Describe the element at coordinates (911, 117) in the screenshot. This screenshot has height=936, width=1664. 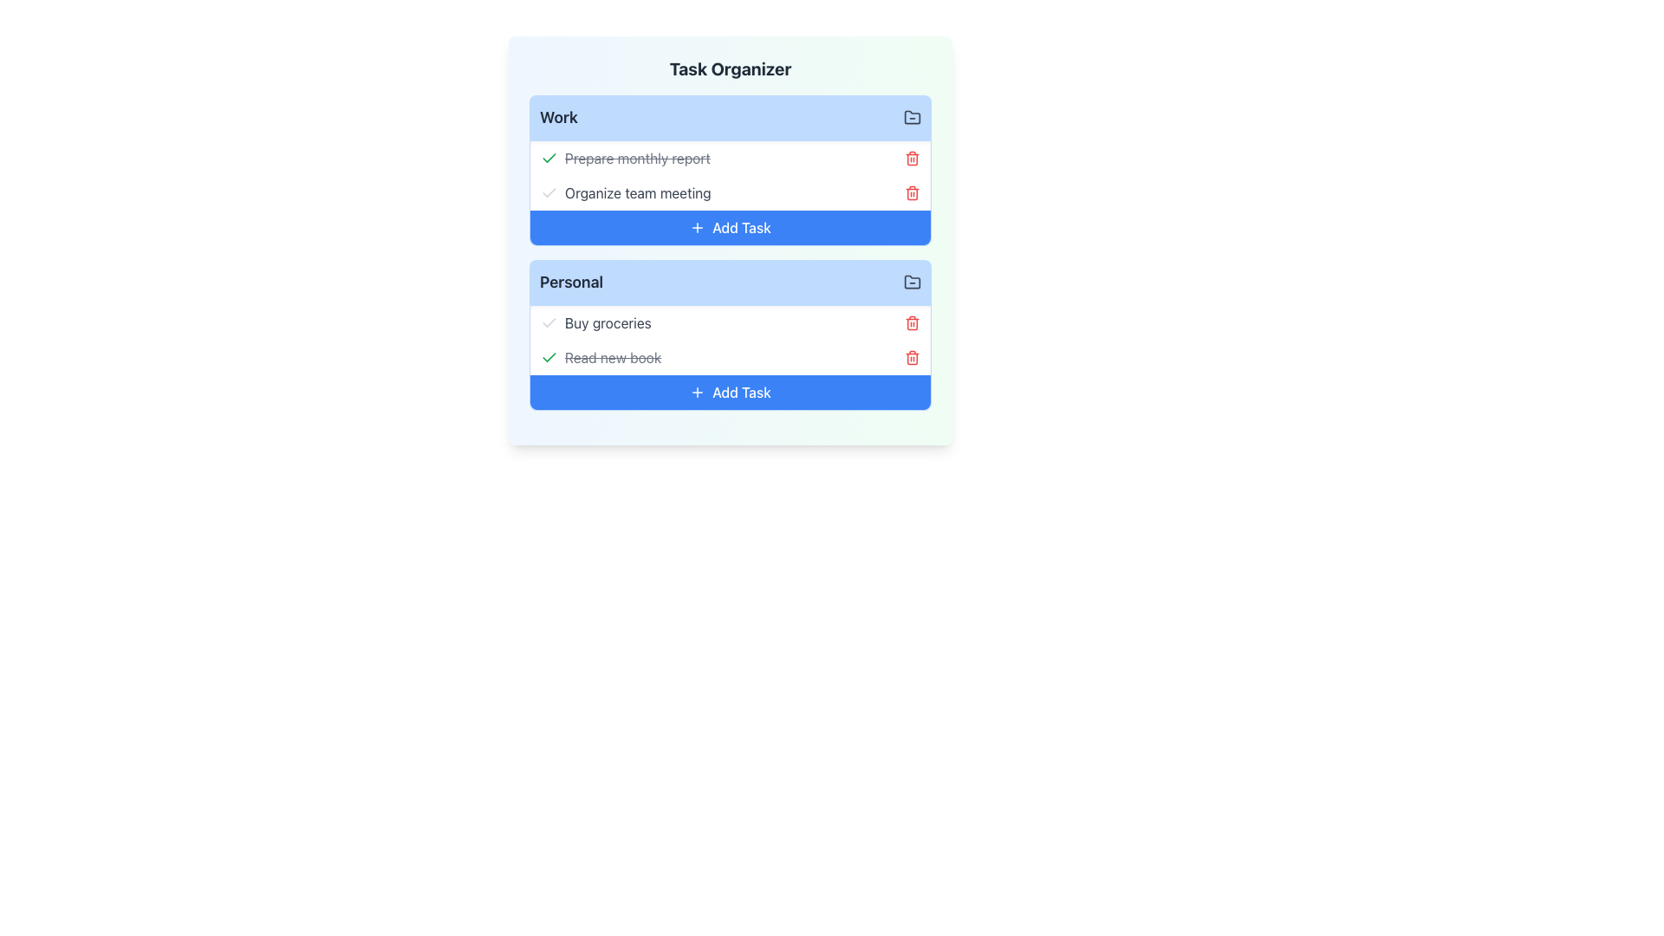
I see `the folder icon with a minus symbol, which is part of the 'Work' header section, styled with a blue outline and located at the far right adjacent to the title text 'Work'` at that location.